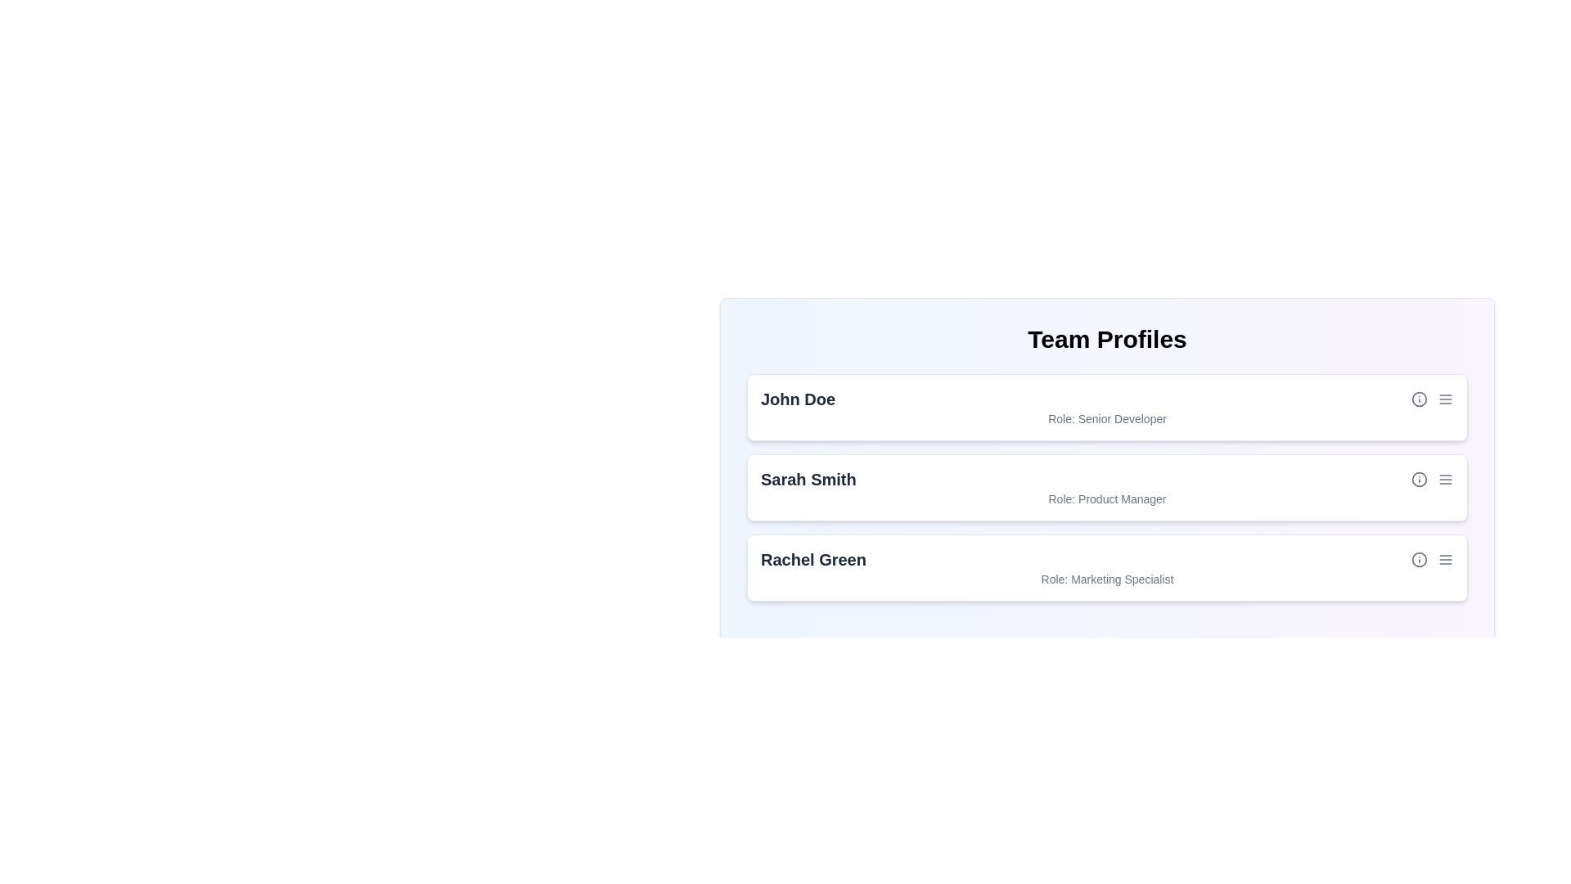 Image resolution: width=1571 pixels, height=884 pixels. Describe the element at coordinates (1107, 418) in the screenshot. I see `the Text label displaying the job role associated with 'John Doe' in the first card of the 'Team Profiles' section` at that location.